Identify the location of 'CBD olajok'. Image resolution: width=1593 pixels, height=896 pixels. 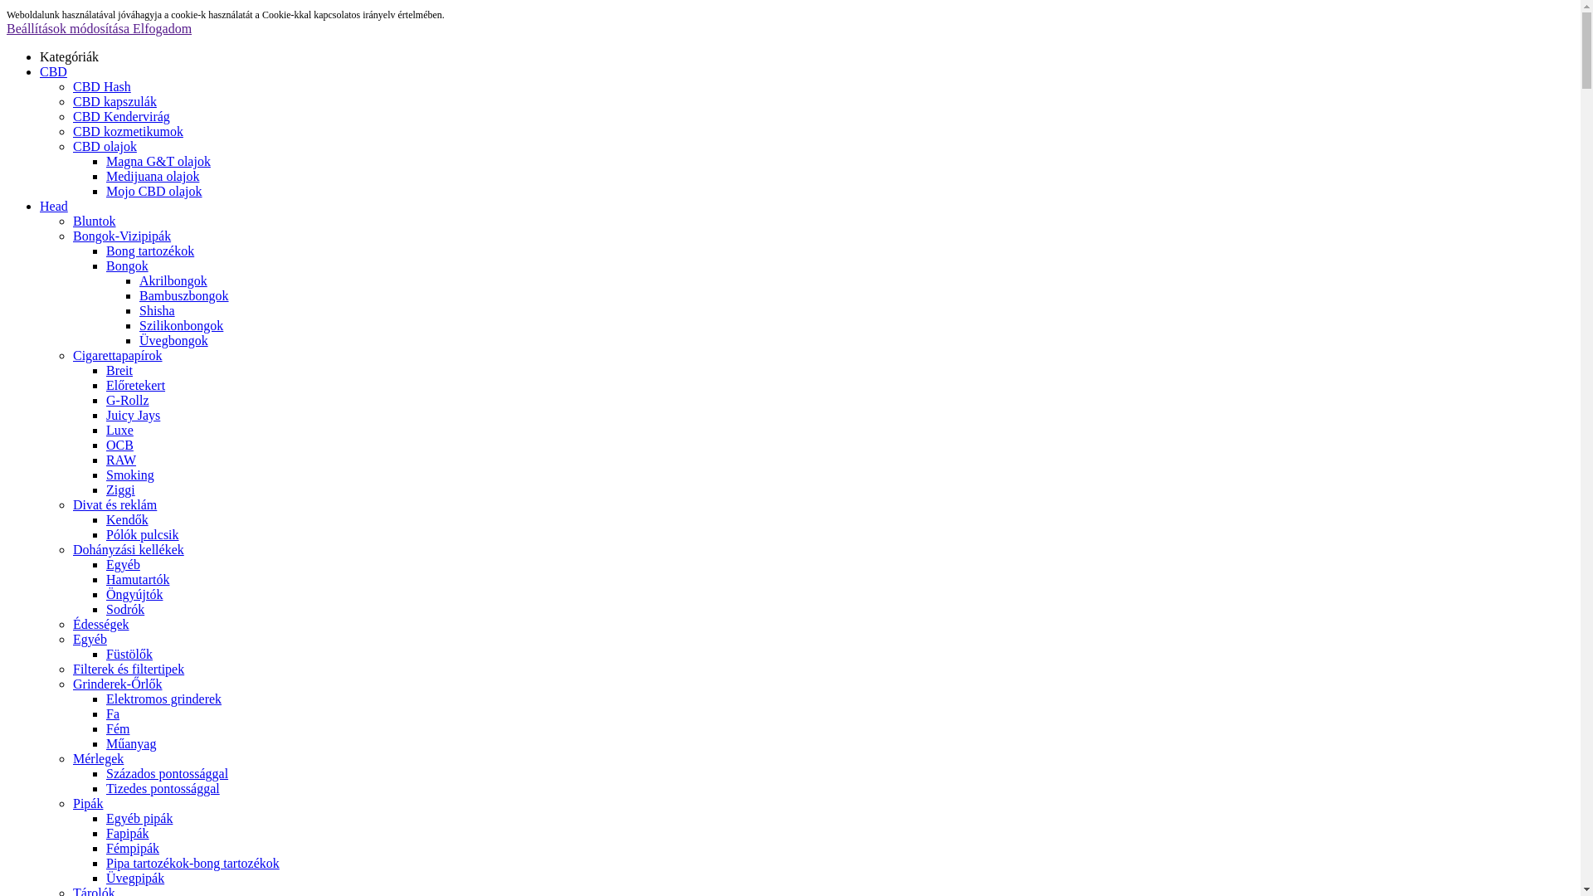
(104, 145).